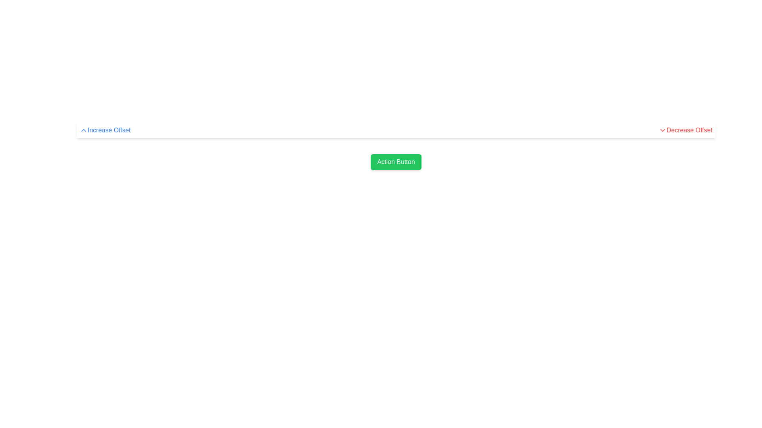 The height and width of the screenshot is (428, 762). Describe the element at coordinates (396, 161) in the screenshot. I see `the bright green 'Action Button' with rounded corners located centrally below the 'Increase Offset' and 'Decrease Offset' controls` at that location.